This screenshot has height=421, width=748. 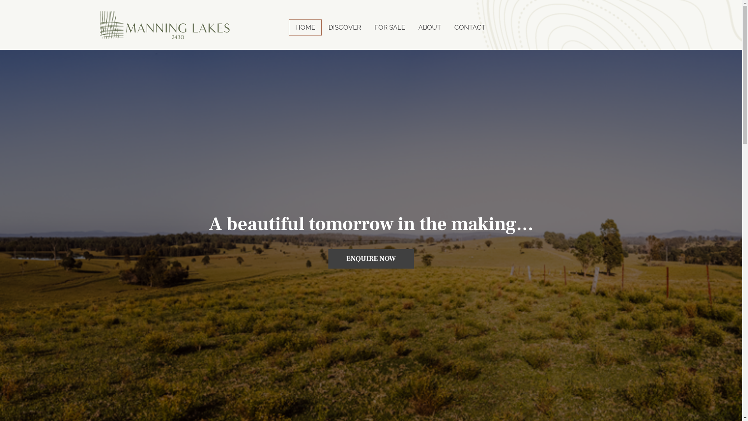 What do you see at coordinates (370, 258) in the screenshot?
I see `'ENQUIRE NOW'` at bounding box center [370, 258].